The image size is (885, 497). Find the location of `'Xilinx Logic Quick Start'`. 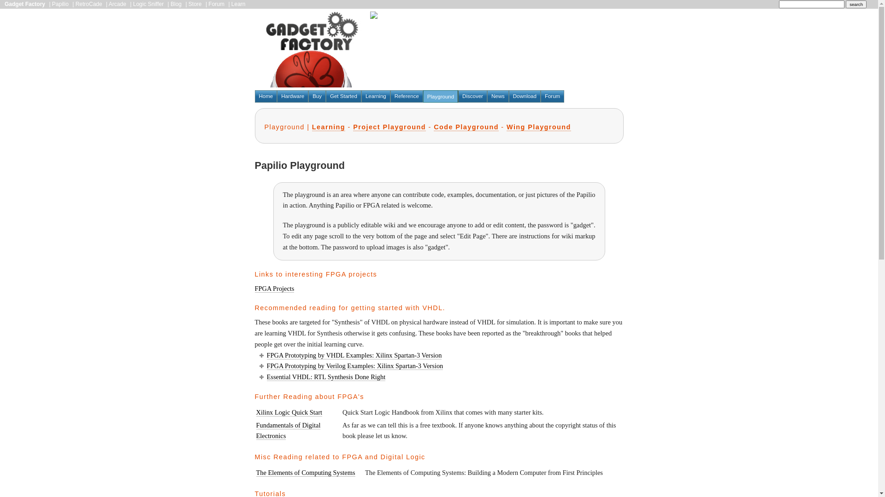

'Xilinx Logic Quick Start' is located at coordinates (289, 412).